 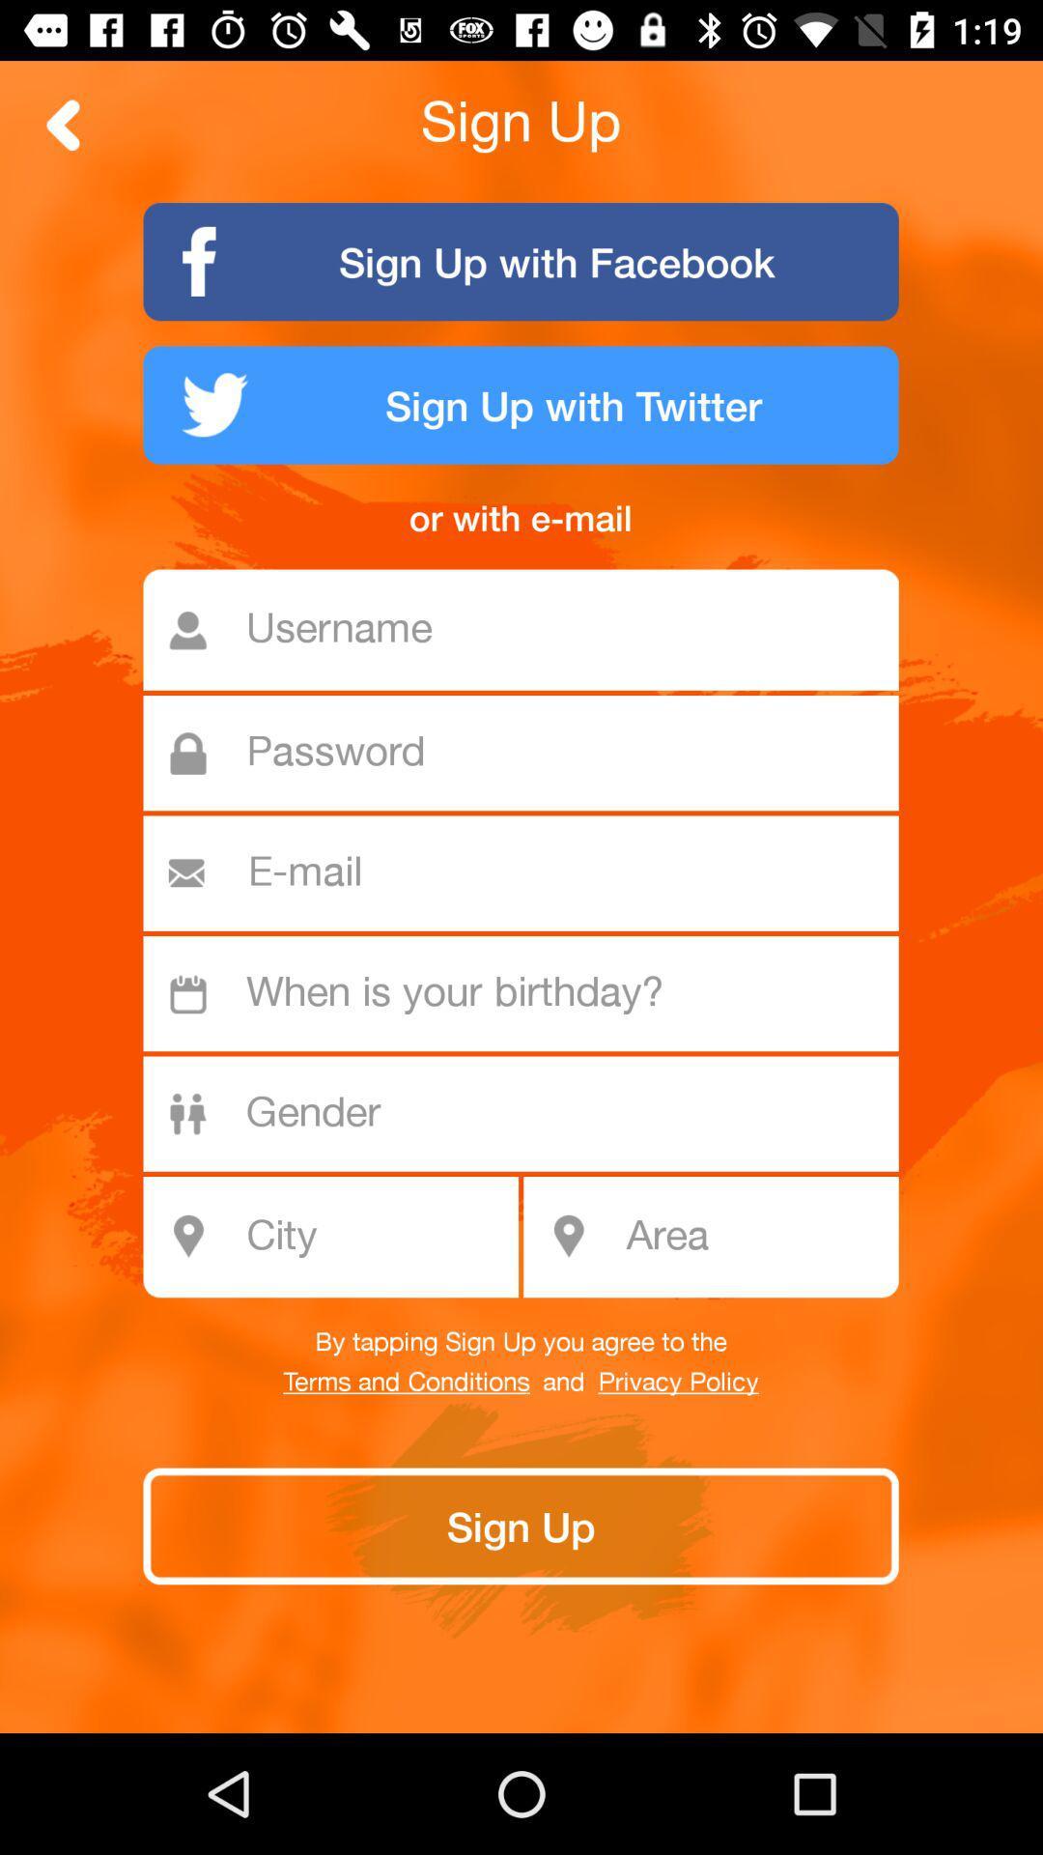 I want to click on your date of birth, so click(x=531, y=993).